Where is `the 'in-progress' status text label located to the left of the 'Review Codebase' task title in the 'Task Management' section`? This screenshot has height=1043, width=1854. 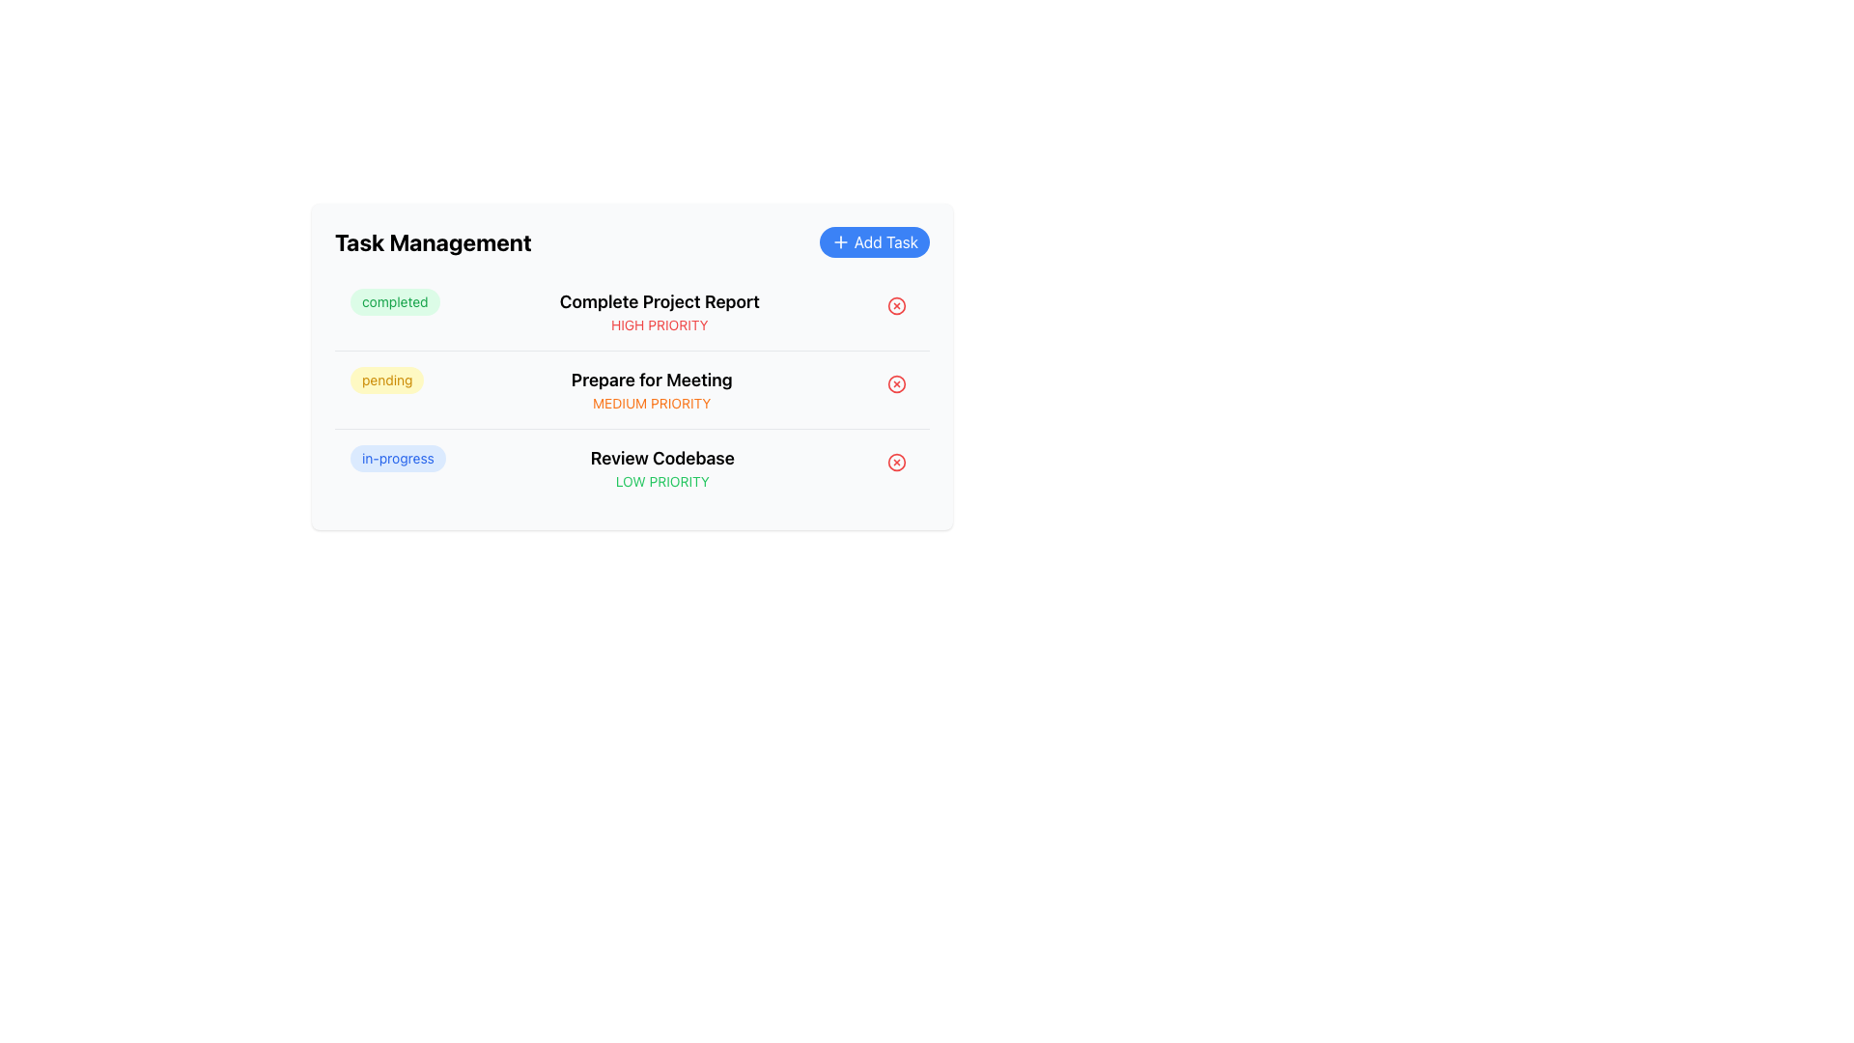 the 'in-progress' status text label located to the left of the 'Review Codebase' task title in the 'Task Management' section is located at coordinates (397, 458).